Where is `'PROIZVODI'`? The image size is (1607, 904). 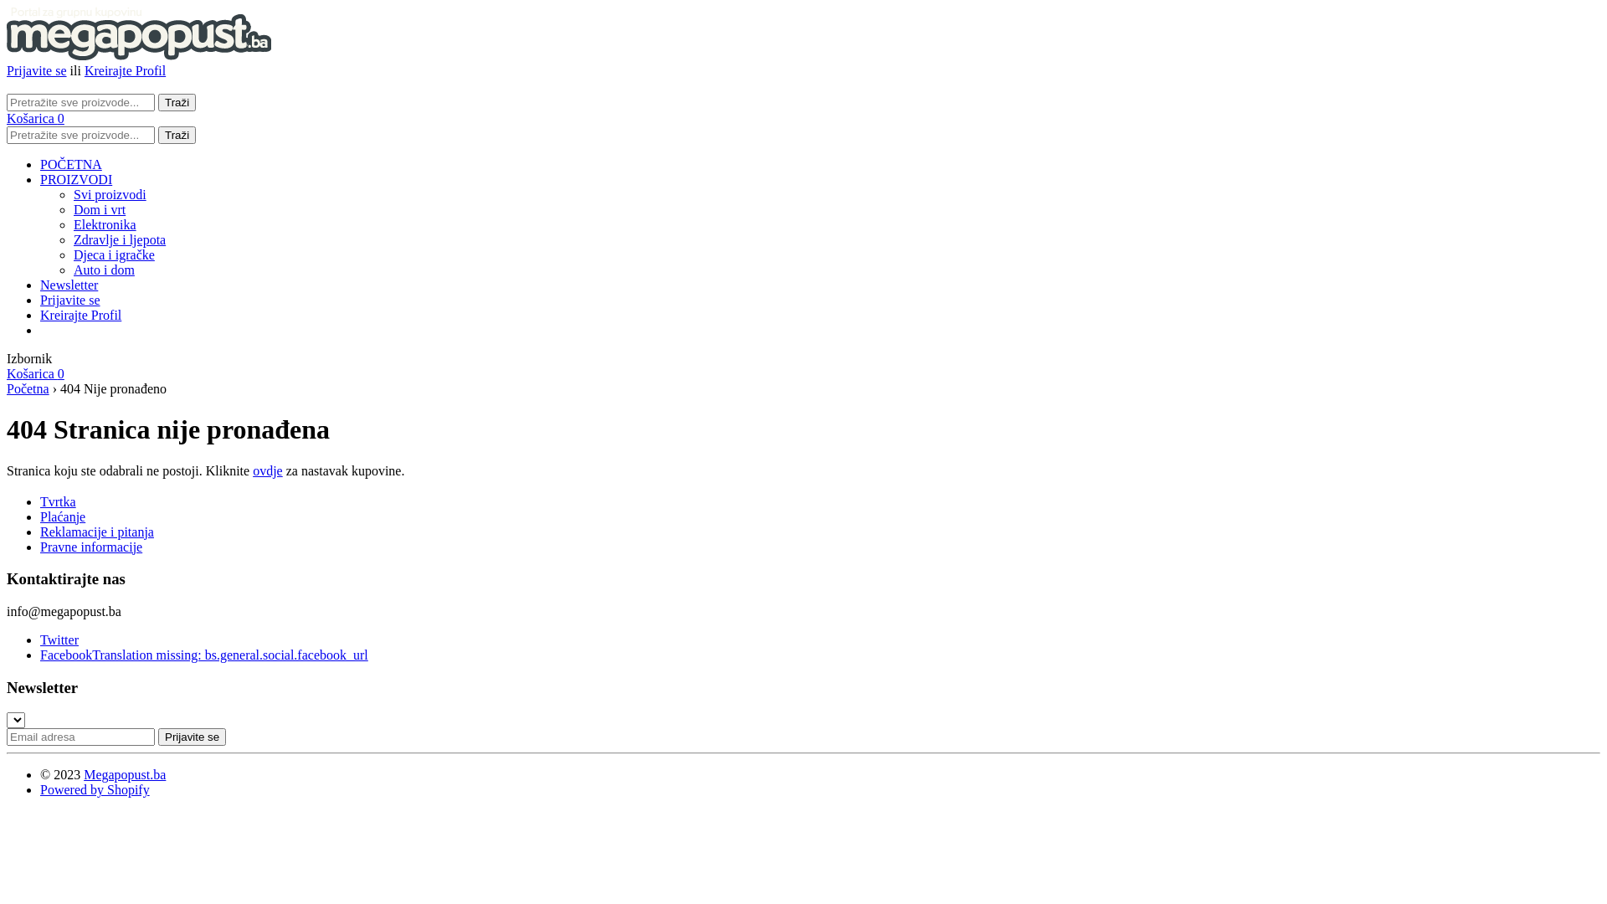 'PROIZVODI' is located at coordinates (75, 179).